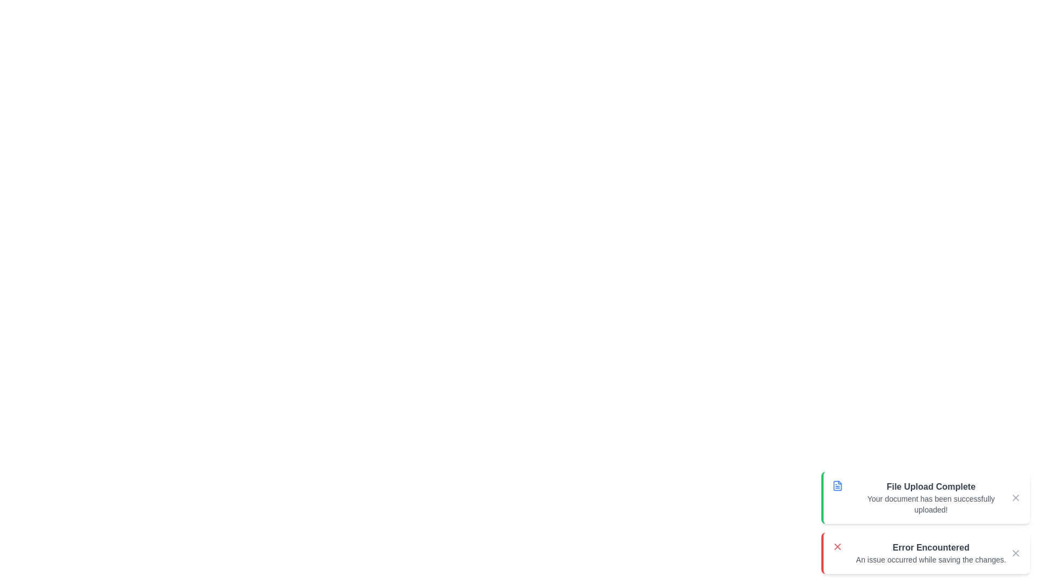  Describe the element at coordinates (837, 547) in the screenshot. I see `the notification icon for error` at that location.